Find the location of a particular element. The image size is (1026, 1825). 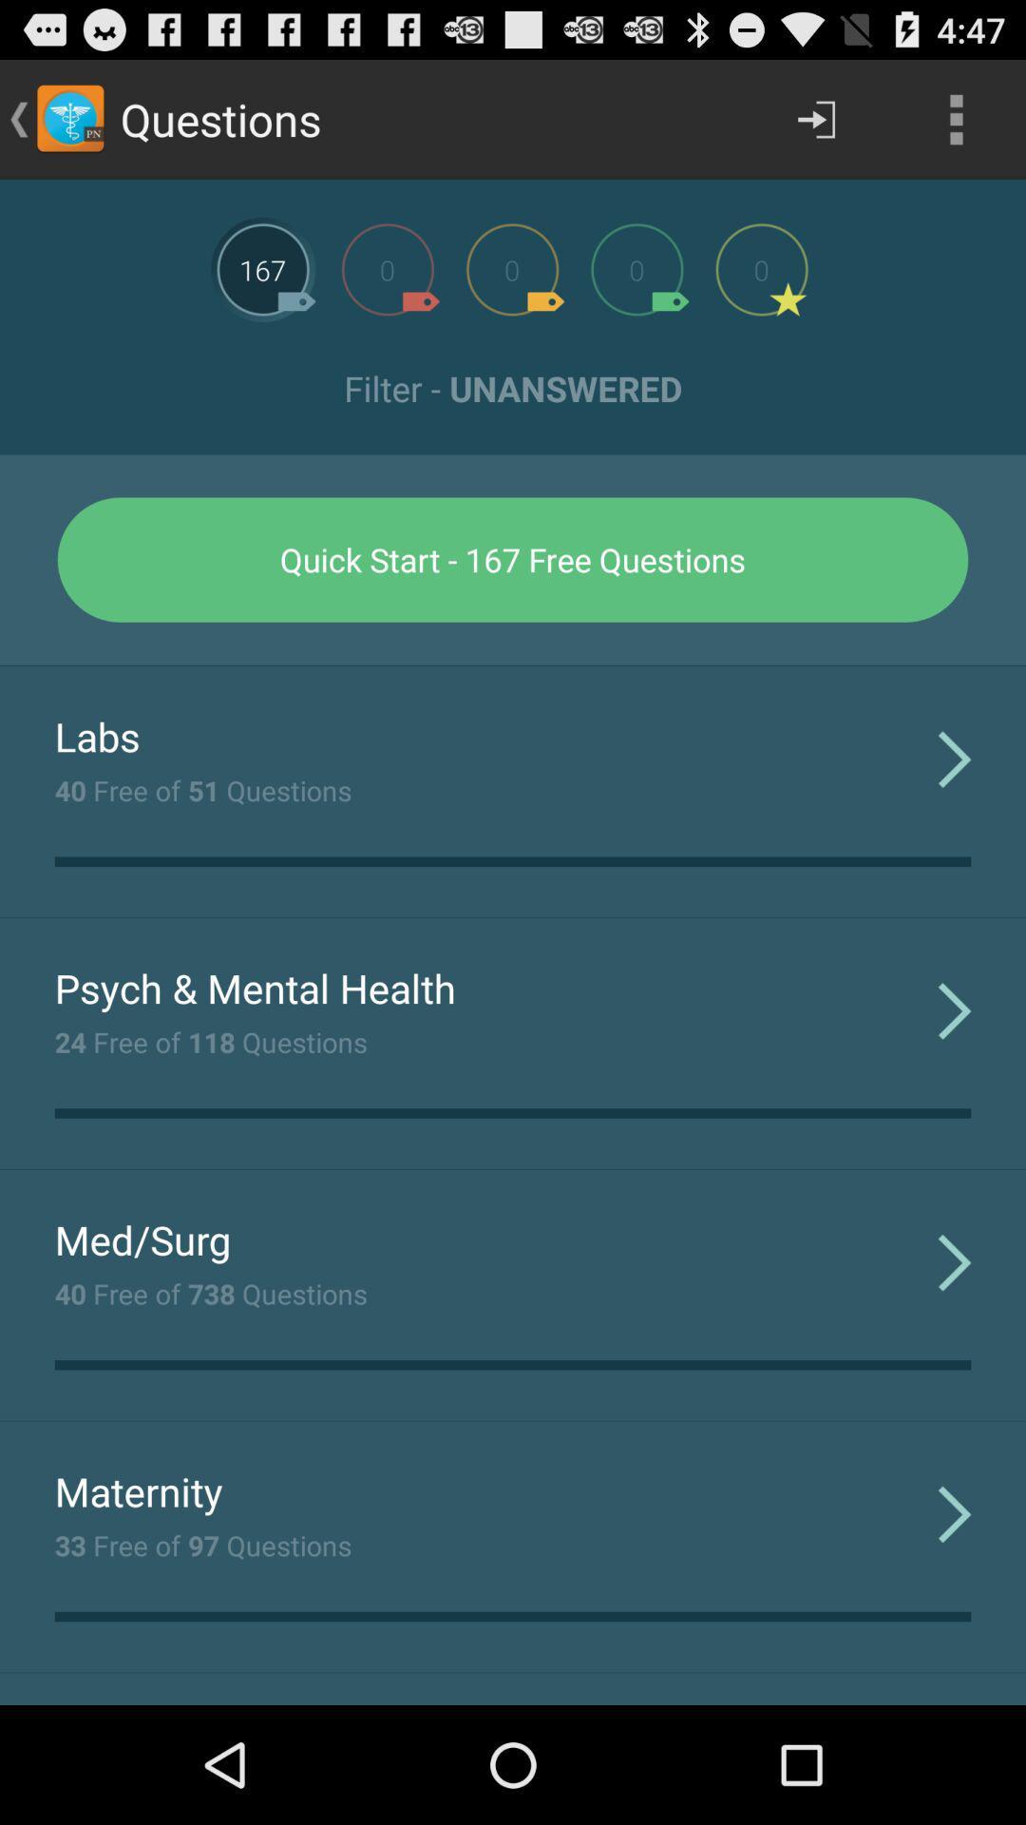

icon to the right of 40 free of icon is located at coordinates (955, 758).